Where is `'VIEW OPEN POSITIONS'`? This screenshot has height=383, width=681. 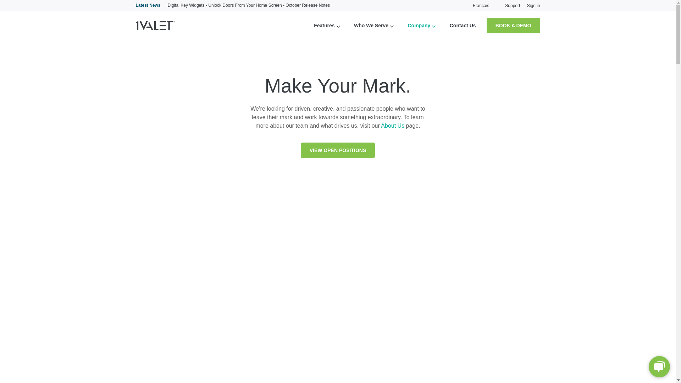
'VIEW OPEN POSITIONS' is located at coordinates (337, 150).